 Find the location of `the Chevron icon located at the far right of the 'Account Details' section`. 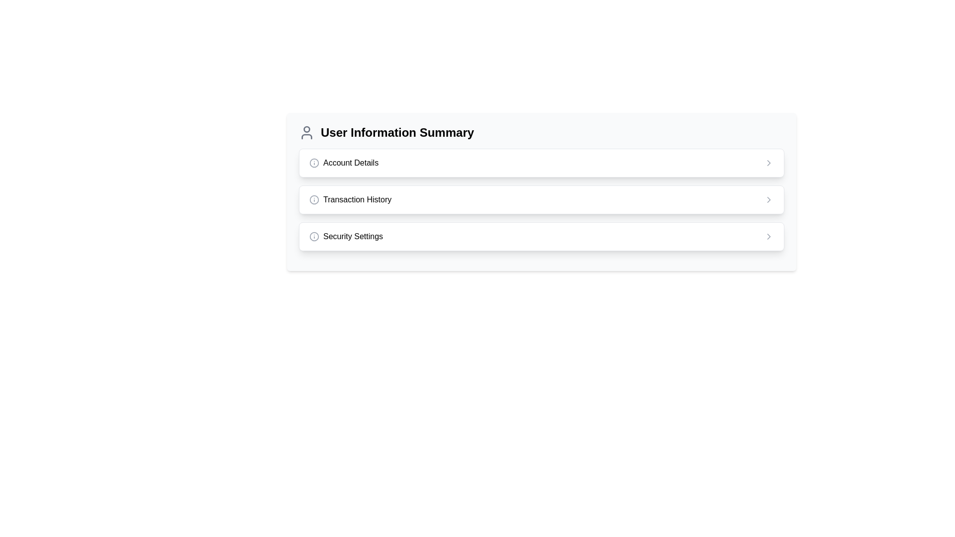

the Chevron icon located at the far right of the 'Account Details' section is located at coordinates (768, 162).